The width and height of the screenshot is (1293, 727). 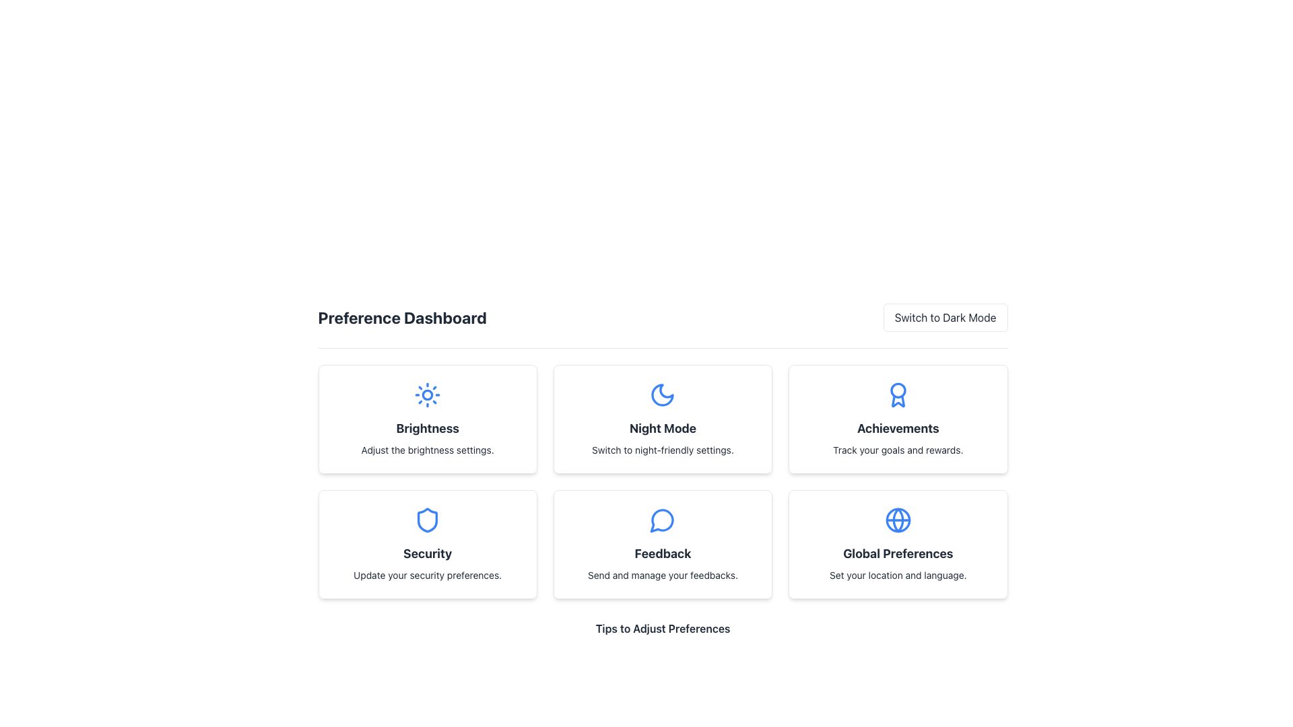 What do you see at coordinates (663, 553) in the screenshot?
I see `the text label that reads 'Feedback', which is styled with a bold and large font and is centrally positioned within the 'Feedback' card on the dashboard` at bounding box center [663, 553].